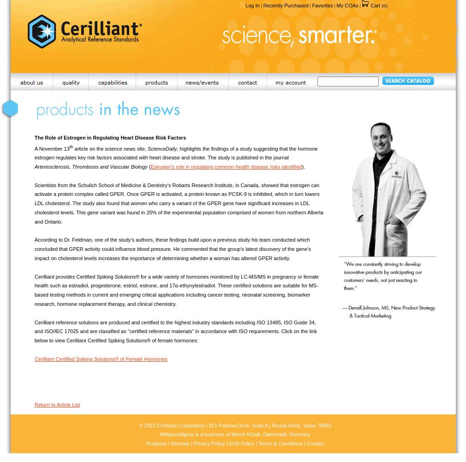  I want to click on 'Cerilliant
Certified Spiking Solutions® of Female Hormones', so click(100, 359).